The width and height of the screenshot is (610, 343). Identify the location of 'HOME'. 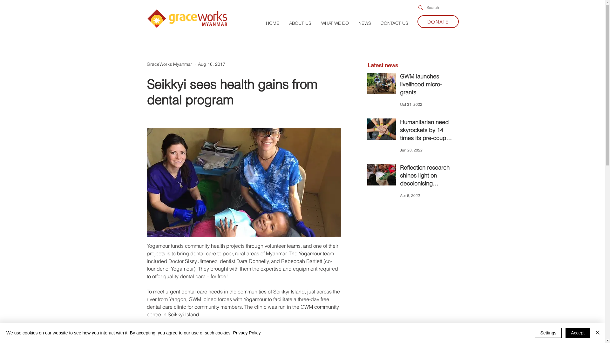
(273, 23).